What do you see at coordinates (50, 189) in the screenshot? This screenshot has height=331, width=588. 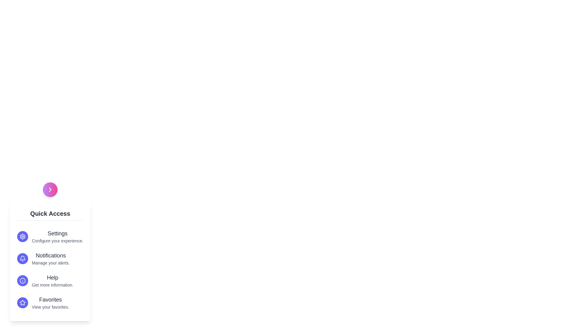 I see `the main pink button to toggle the menu visibility` at bounding box center [50, 189].